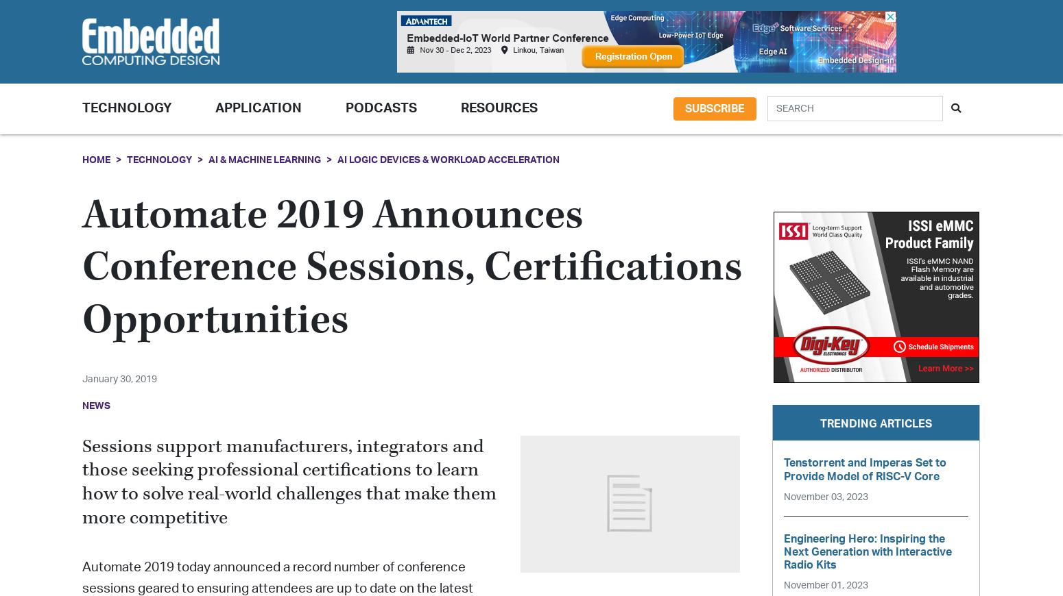  I want to click on 'Application', so click(257, 108).